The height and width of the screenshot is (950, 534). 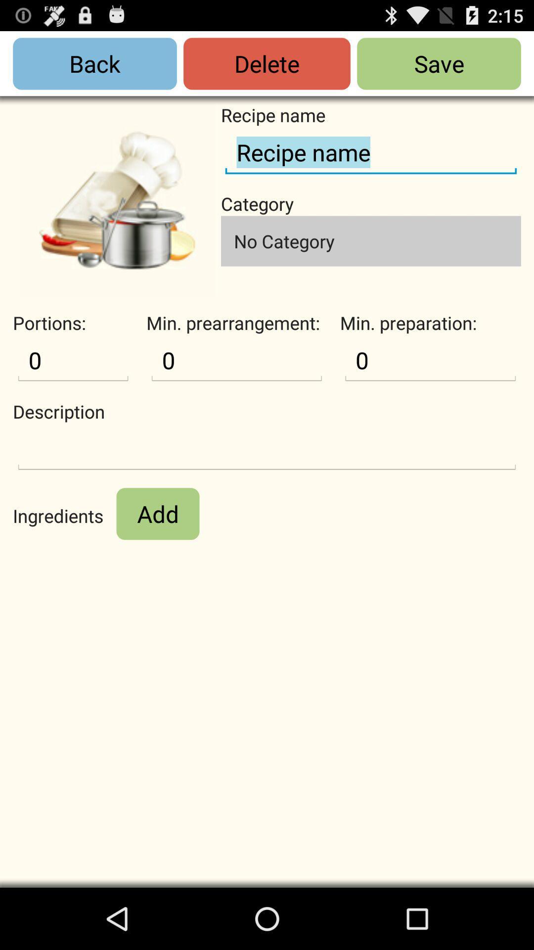 I want to click on description input field, so click(x=267, y=449).